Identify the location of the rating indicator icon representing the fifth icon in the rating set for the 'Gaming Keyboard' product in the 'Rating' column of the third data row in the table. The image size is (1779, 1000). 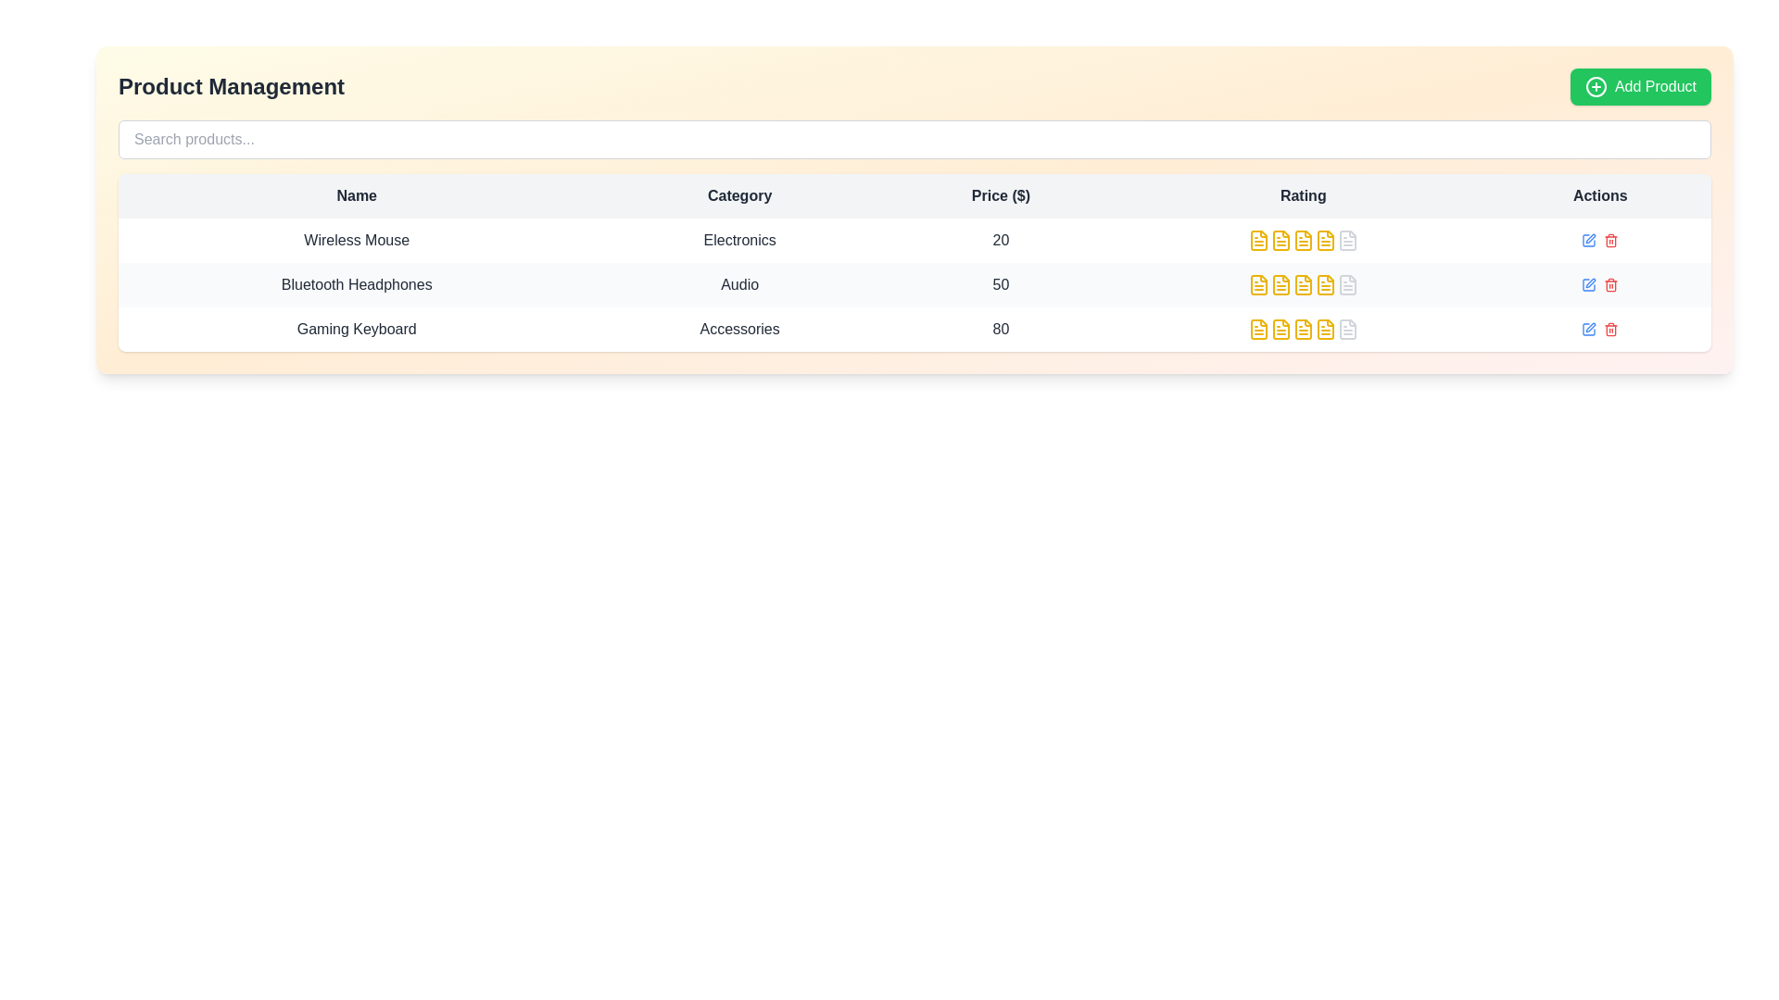
(1347, 328).